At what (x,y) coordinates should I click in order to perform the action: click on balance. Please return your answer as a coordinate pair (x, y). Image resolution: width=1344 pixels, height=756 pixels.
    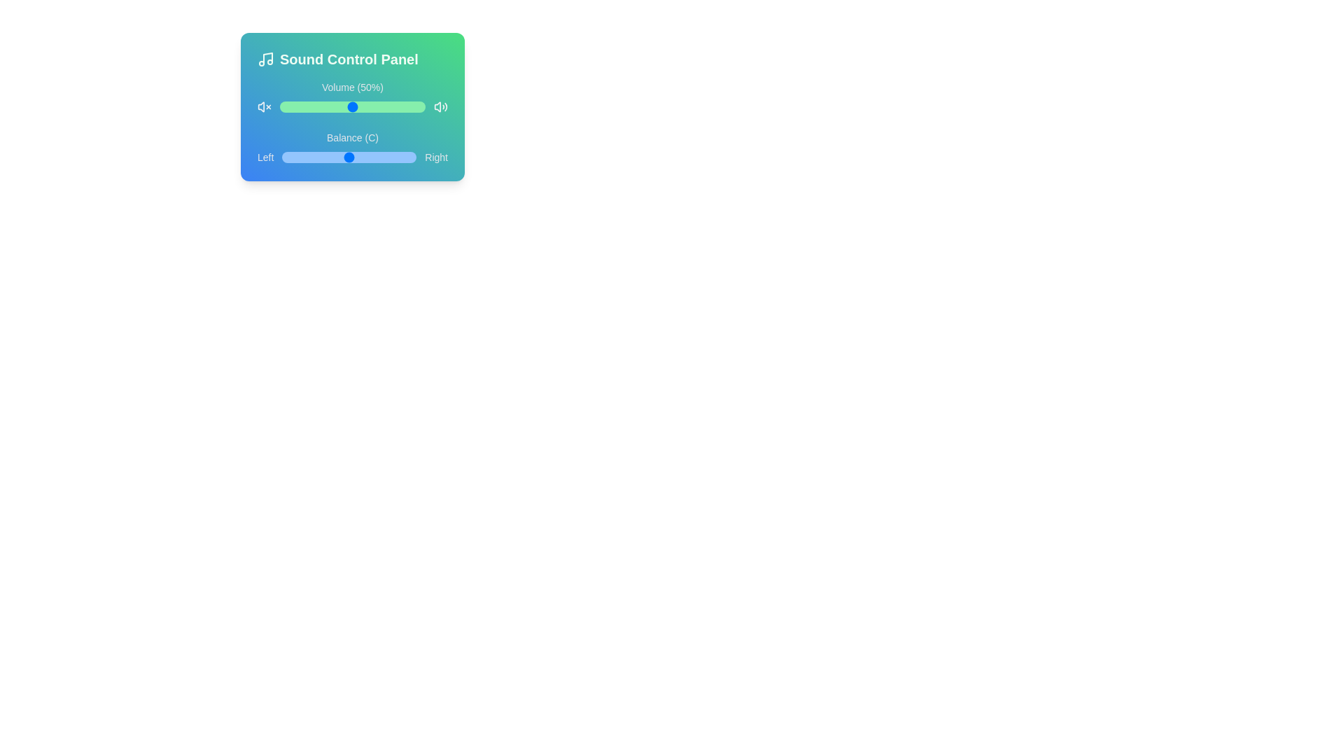
    Looking at the image, I should click on (395, 157).